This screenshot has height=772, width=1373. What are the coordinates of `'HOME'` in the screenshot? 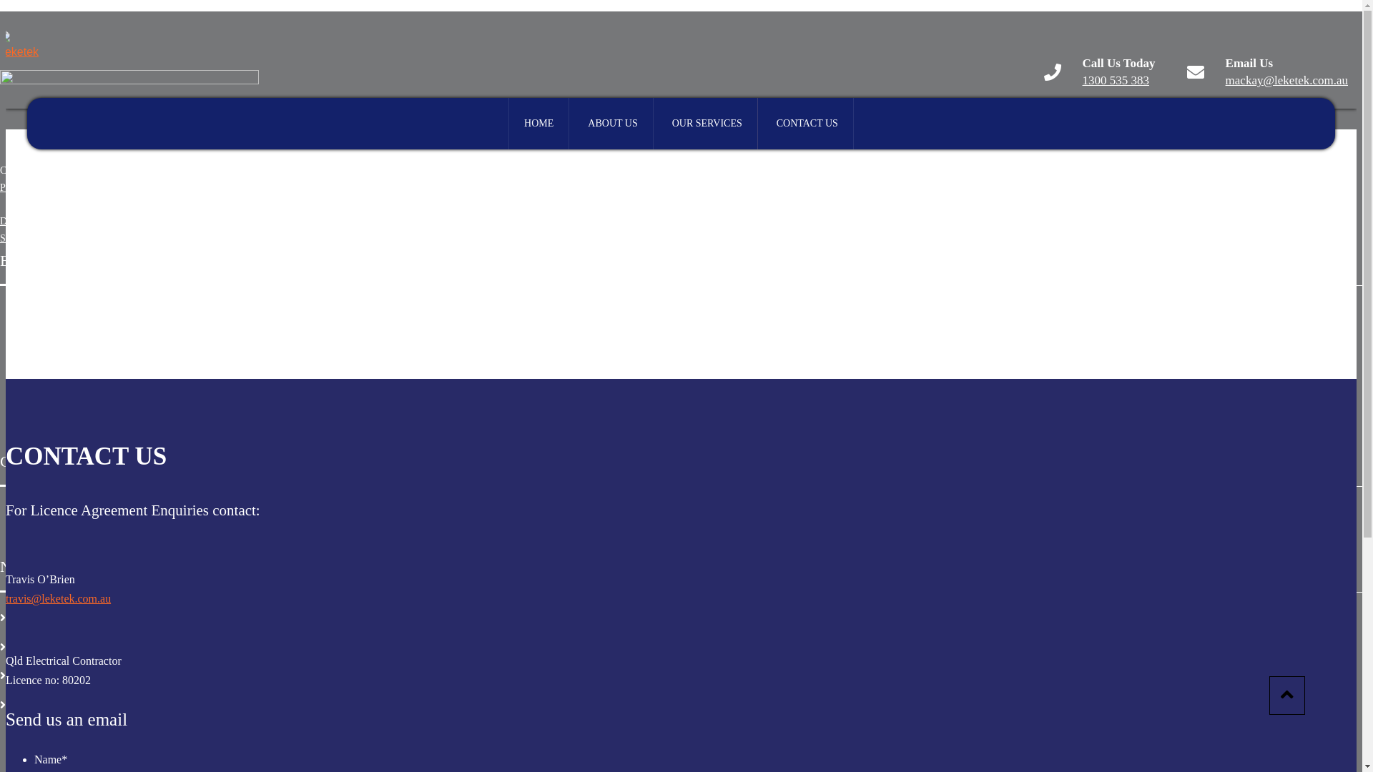 It's located at (538, 123).